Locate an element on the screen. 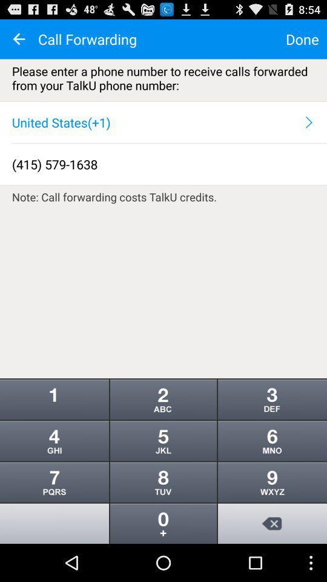  the more icon is located at coordinates (163, 515).